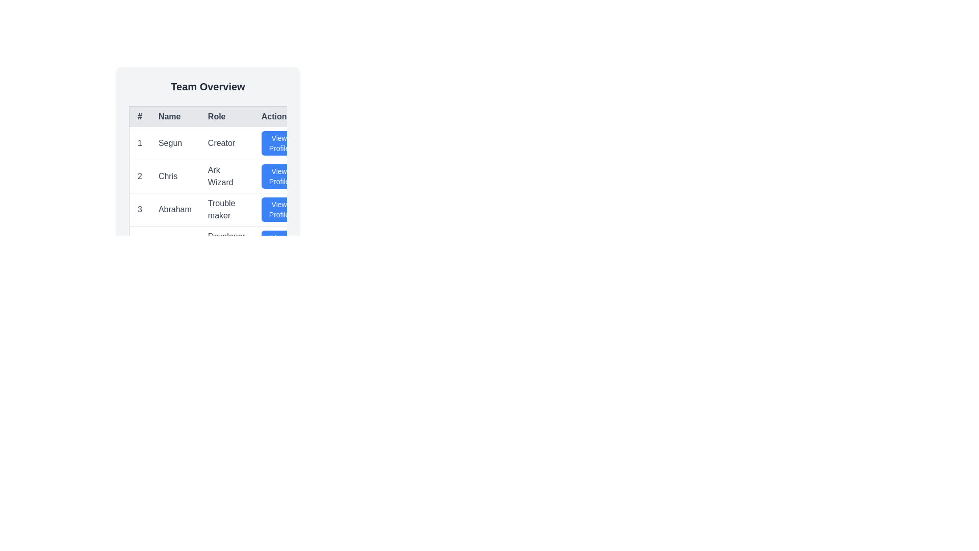 The width and height of the screenshot is (979, 551). What do you see at coordinates (175, 143) in the screenshot?
I see `the text label displaying 'Segun' located in the first row and second column of the table under the 'Name' header` at bounding box center [175, 143].